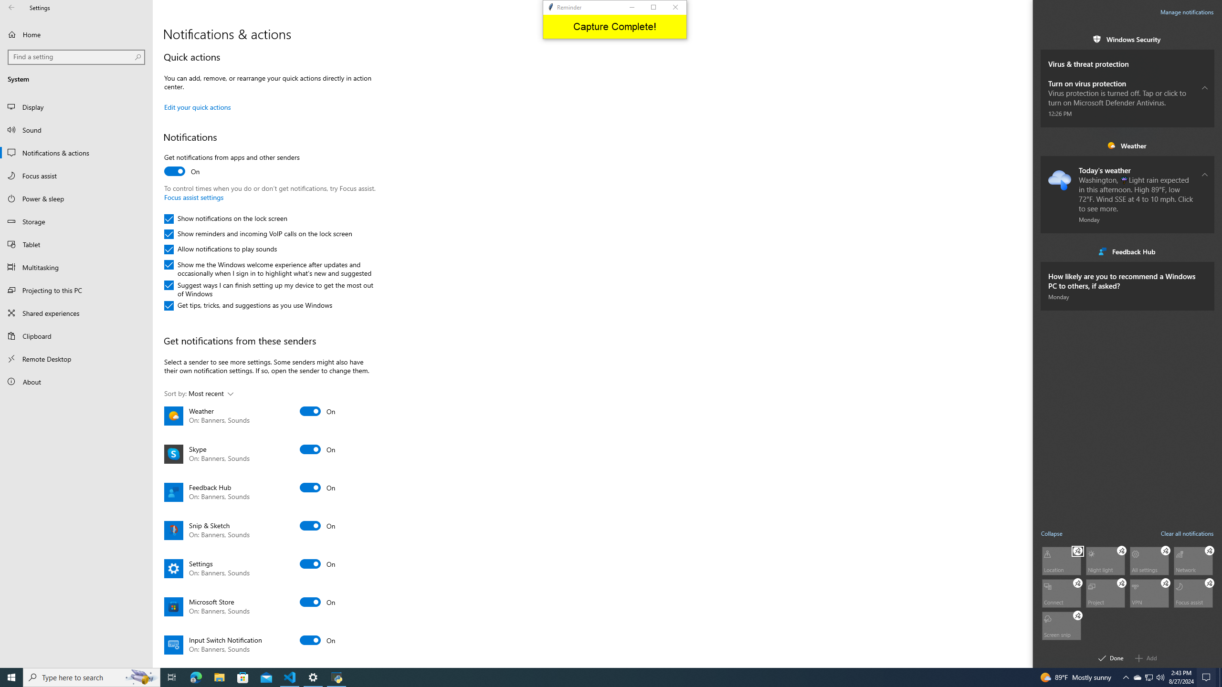 The image size is (1222, 687). Describe the element at coordinates (1148, 561) in the screenshot. I see `'All settings'` at that location.